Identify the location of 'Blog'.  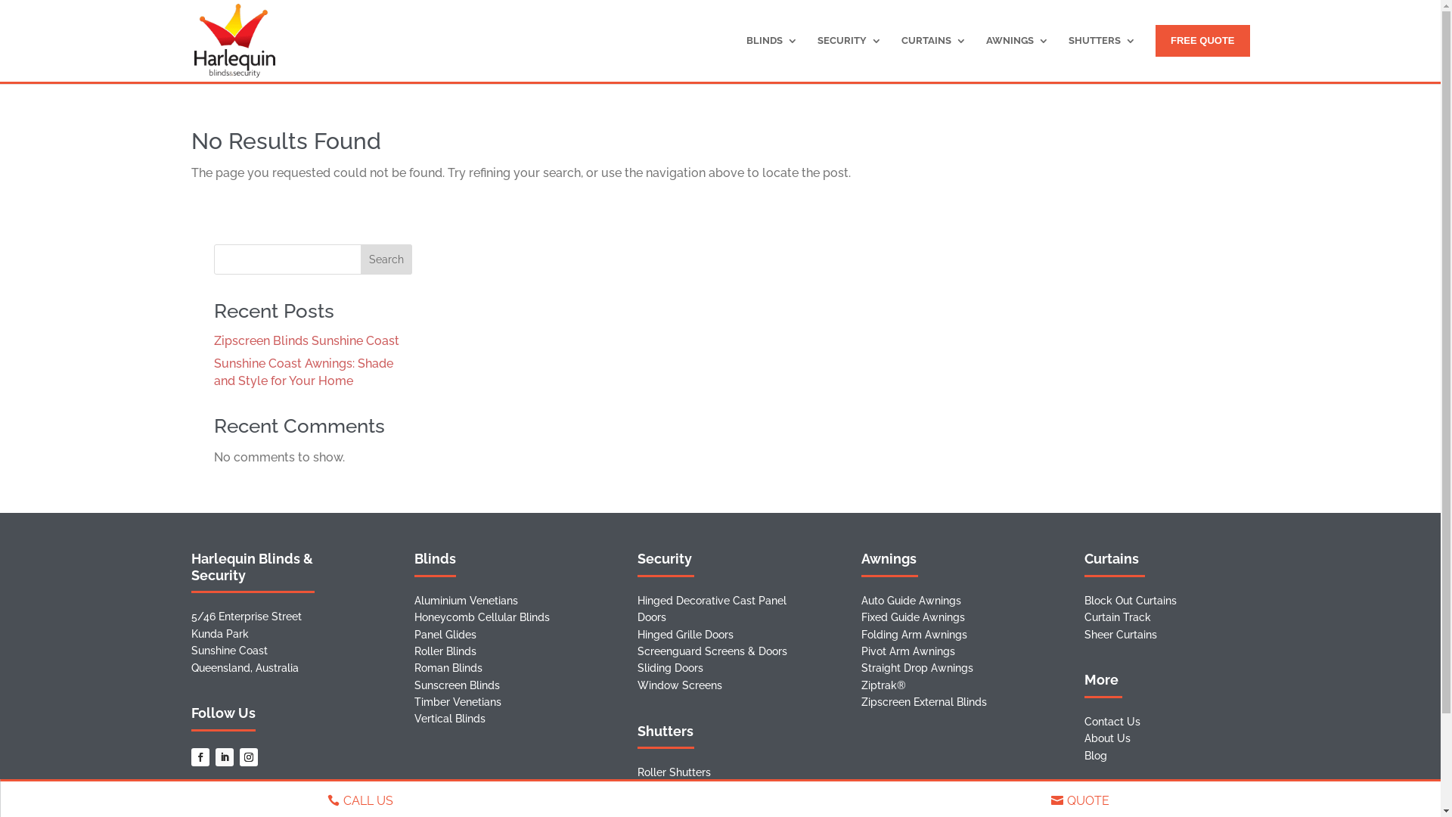
(1096, 756).